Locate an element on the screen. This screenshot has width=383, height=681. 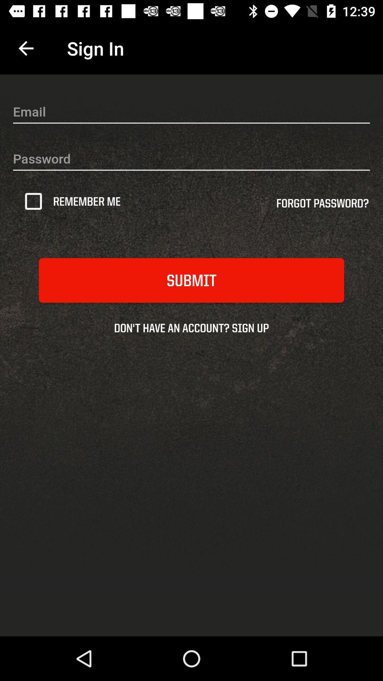
item to the left of sign in item is located at coordinates (26, 48).